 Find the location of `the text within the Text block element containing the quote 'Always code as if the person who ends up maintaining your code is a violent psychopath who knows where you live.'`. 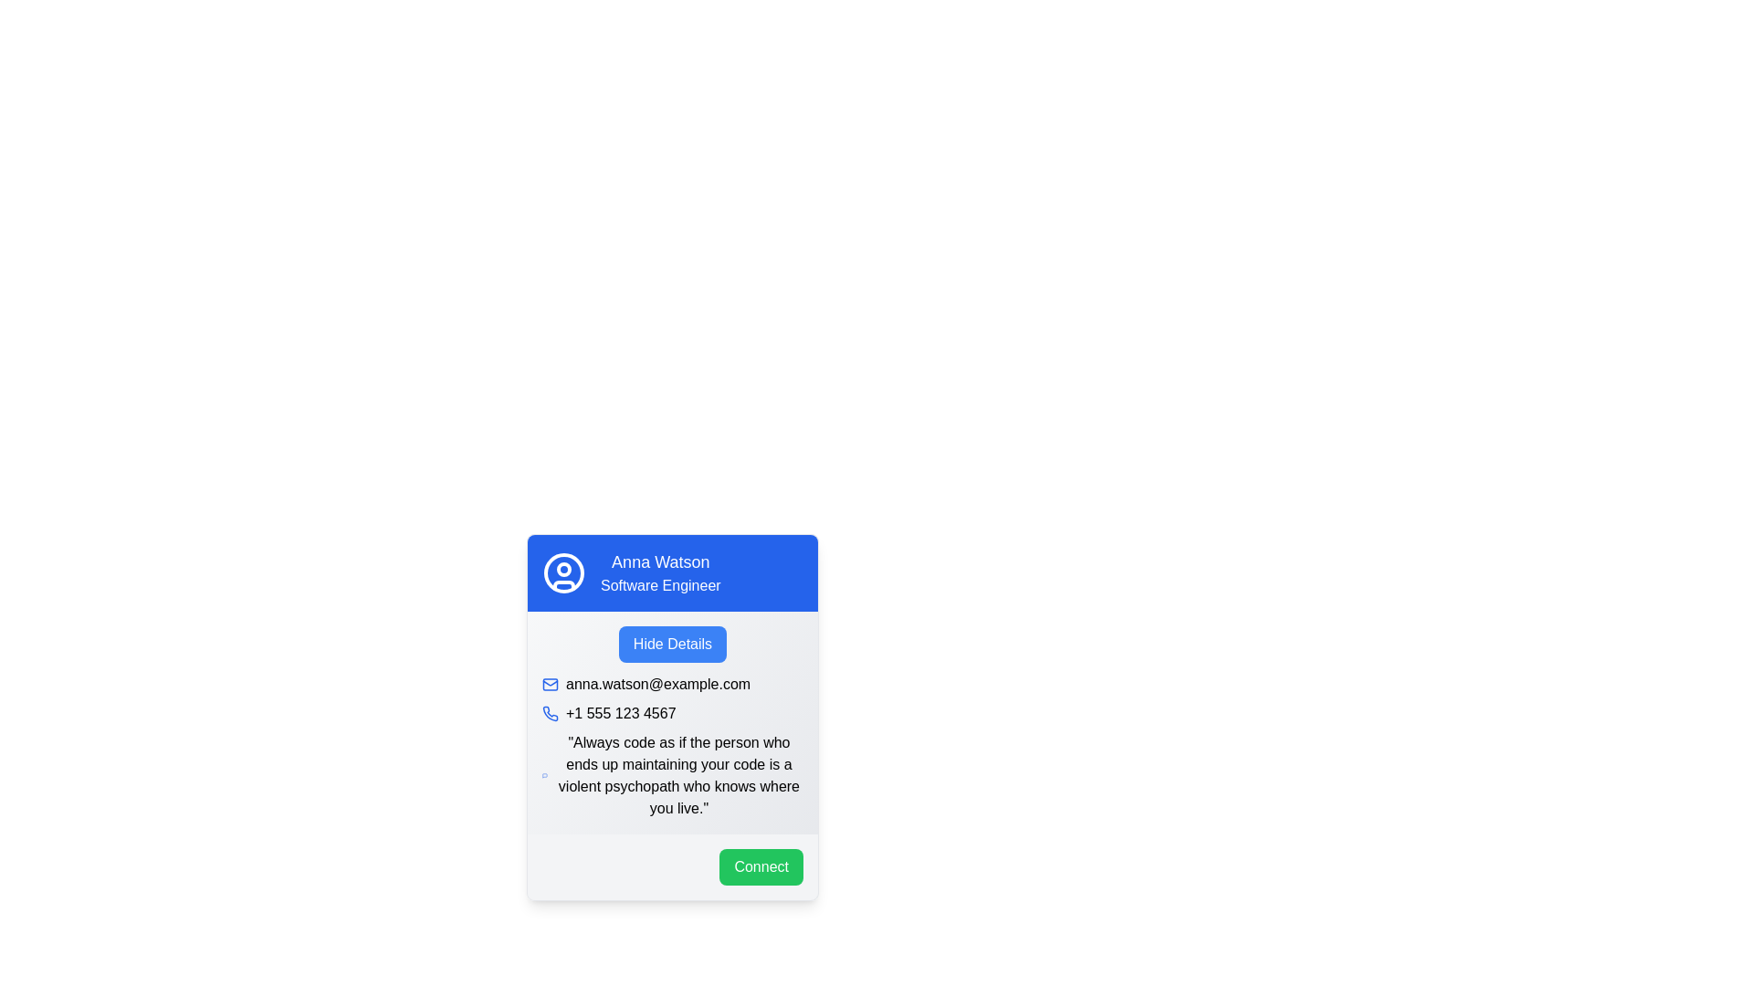

the text within the Text block element containing the quote 'Always code as if the person who ends up maintaining your code is a violent psychopath who knows where you live.' is located at coordinates (672, 775).